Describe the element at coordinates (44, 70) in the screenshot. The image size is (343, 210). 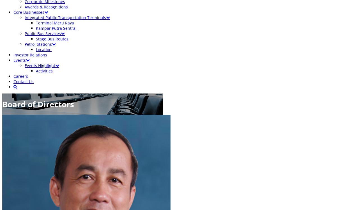
I see `'Activities'` at that location.